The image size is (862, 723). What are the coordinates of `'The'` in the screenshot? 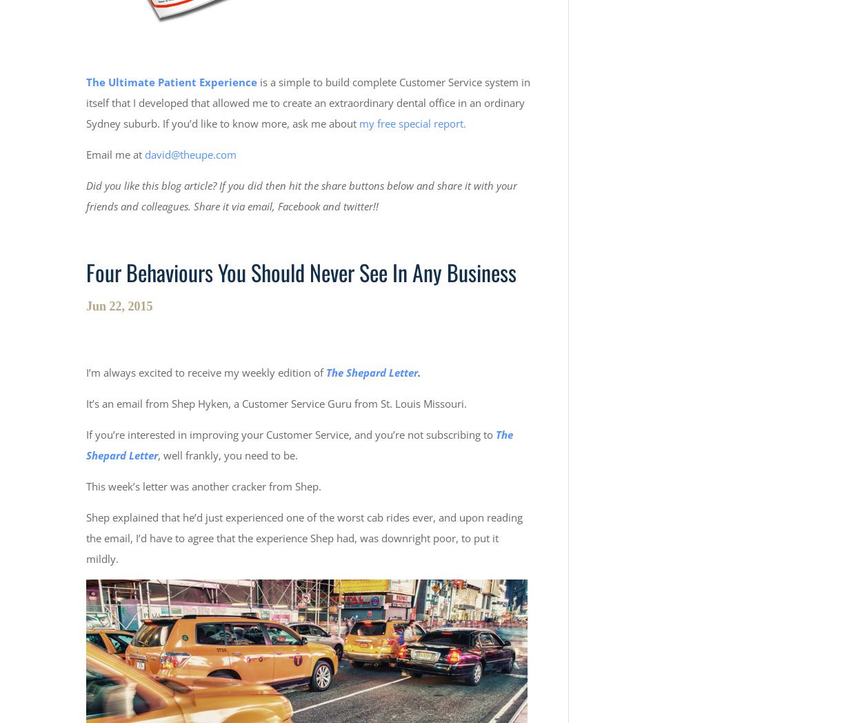 It's located at (96, 81).